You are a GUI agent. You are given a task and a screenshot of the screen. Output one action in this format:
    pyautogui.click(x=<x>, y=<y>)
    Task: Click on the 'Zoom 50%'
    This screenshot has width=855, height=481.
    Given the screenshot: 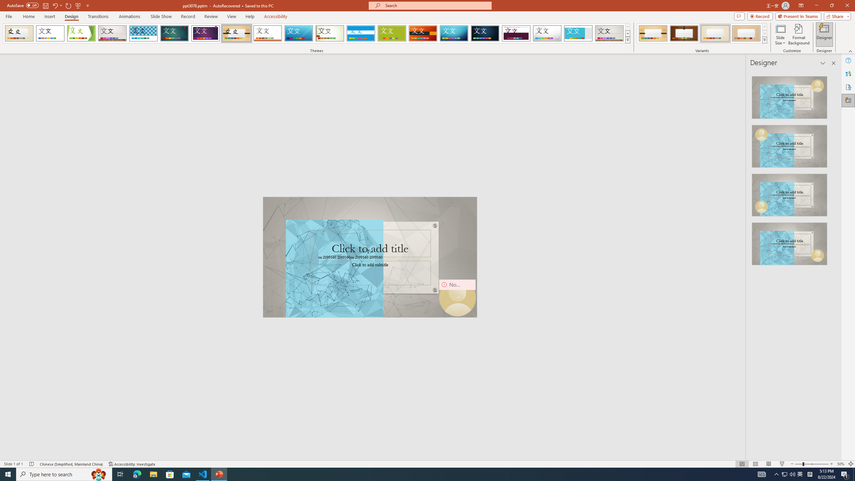 What is the action you would take?
    pyautogui.click(x=840, y=464)
    